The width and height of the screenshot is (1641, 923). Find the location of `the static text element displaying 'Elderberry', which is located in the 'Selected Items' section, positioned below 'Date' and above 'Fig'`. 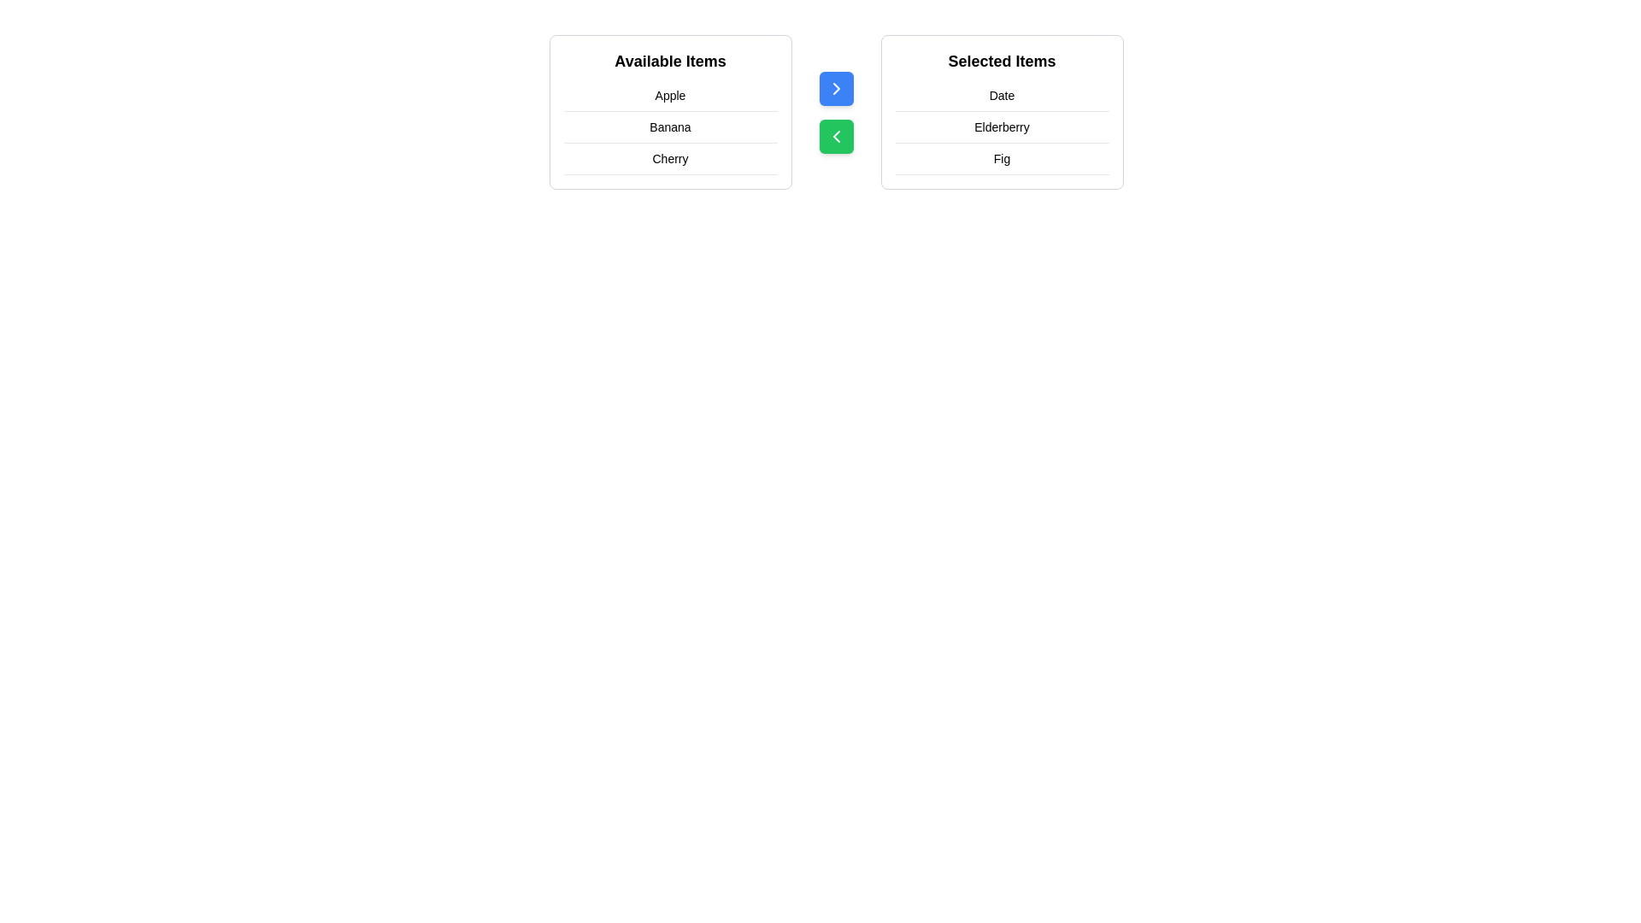

the static text element displaying 'Elderberry', which is located in the 'Selected Items' section, positioned below 'Date' and above 'Fig' is located at coordinates (1002, 126).